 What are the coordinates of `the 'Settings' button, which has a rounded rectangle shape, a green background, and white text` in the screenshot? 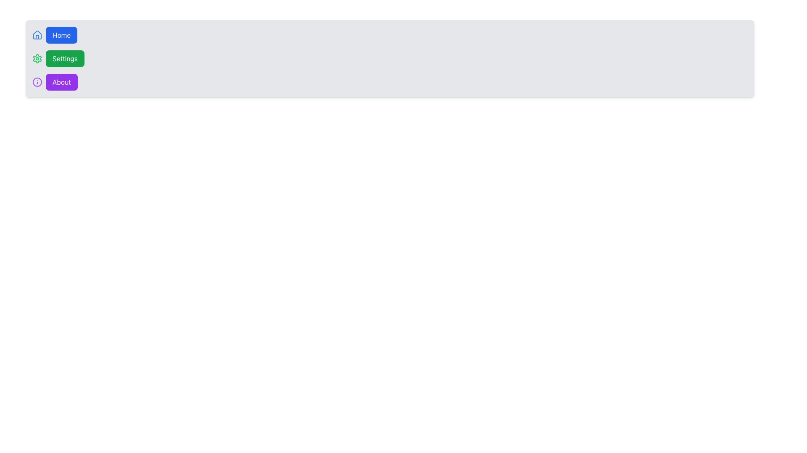 It's located at (64, 58).